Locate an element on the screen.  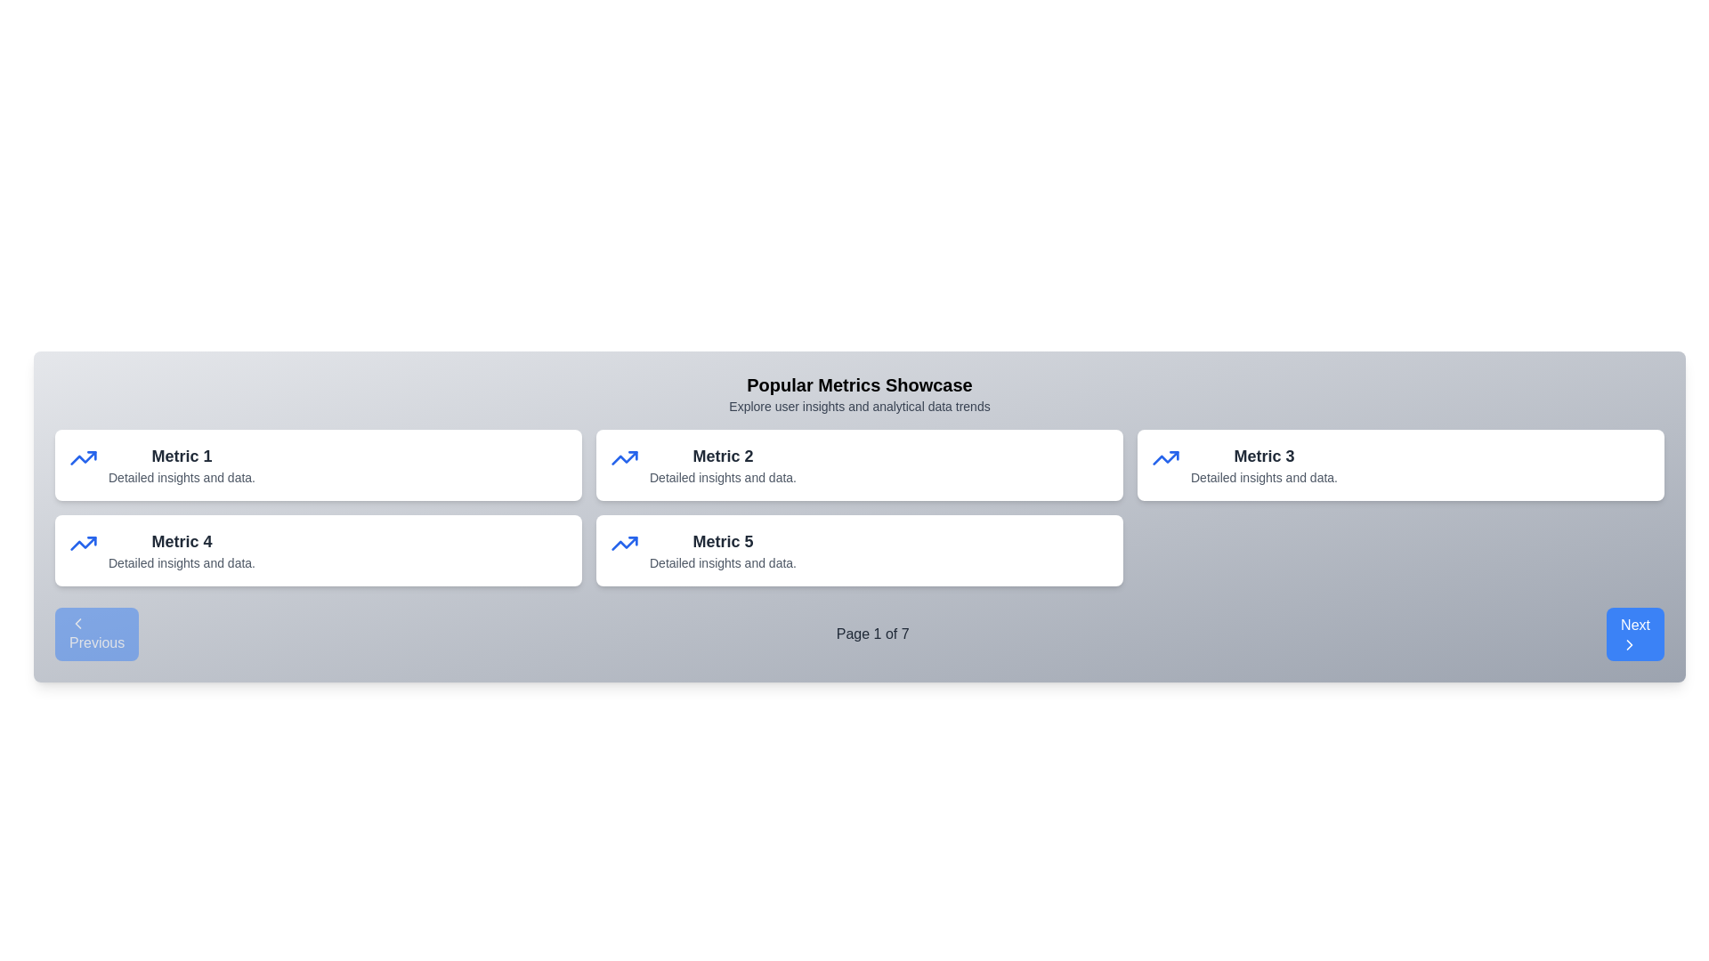
the non-interactive informational display for 'Metric 5' located in the bottom row, second column of the grid layout is located at coordinates (717, 549).